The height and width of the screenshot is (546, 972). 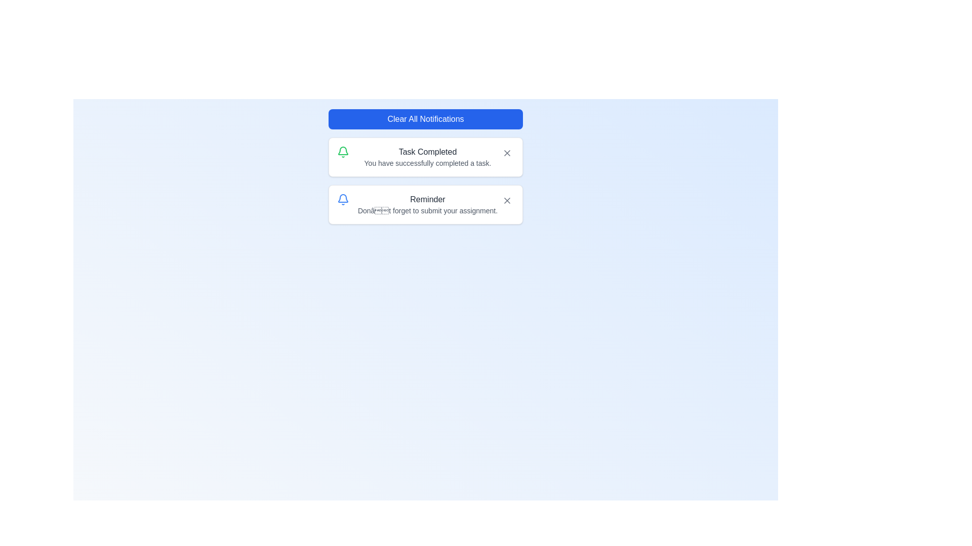 What do you see at coordinates (343, 151) in the screenshot?
I see `the green bell-shaped notification icon which represents alerts, located to the left of the 'Reminder' notification text` at bounding box center [343, 151].